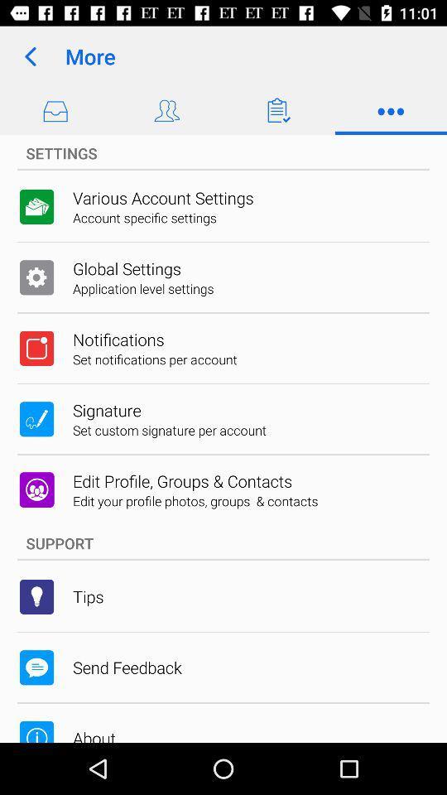  What do you see at coordinates (169, 429) in the screenshot?
I see `the item below the signature icon` at bounding box center [169, 429].